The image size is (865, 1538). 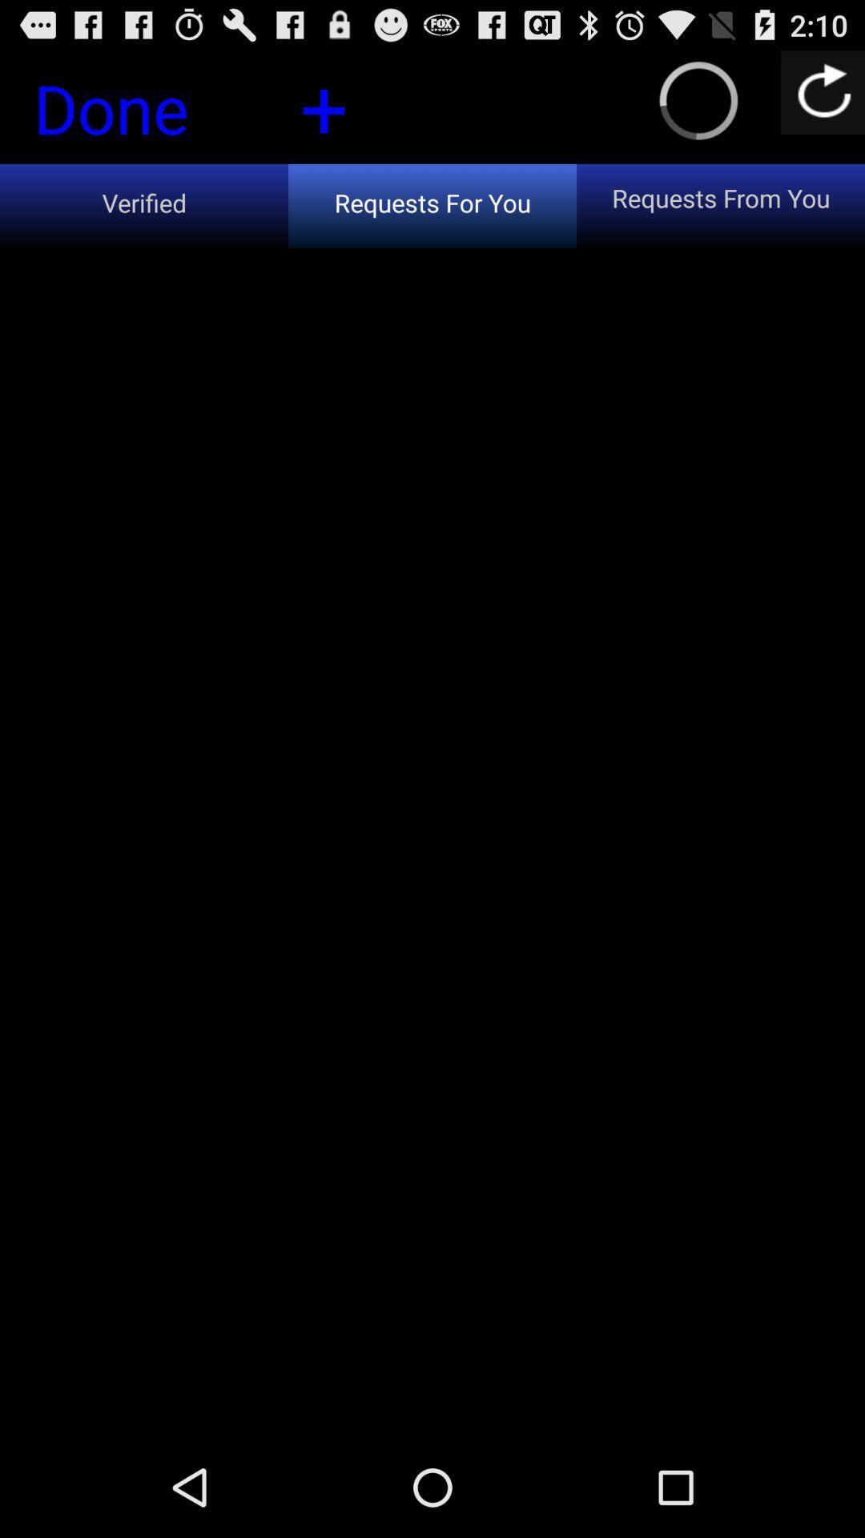 I want to click on the button next to +, so click(x=138, y=112).